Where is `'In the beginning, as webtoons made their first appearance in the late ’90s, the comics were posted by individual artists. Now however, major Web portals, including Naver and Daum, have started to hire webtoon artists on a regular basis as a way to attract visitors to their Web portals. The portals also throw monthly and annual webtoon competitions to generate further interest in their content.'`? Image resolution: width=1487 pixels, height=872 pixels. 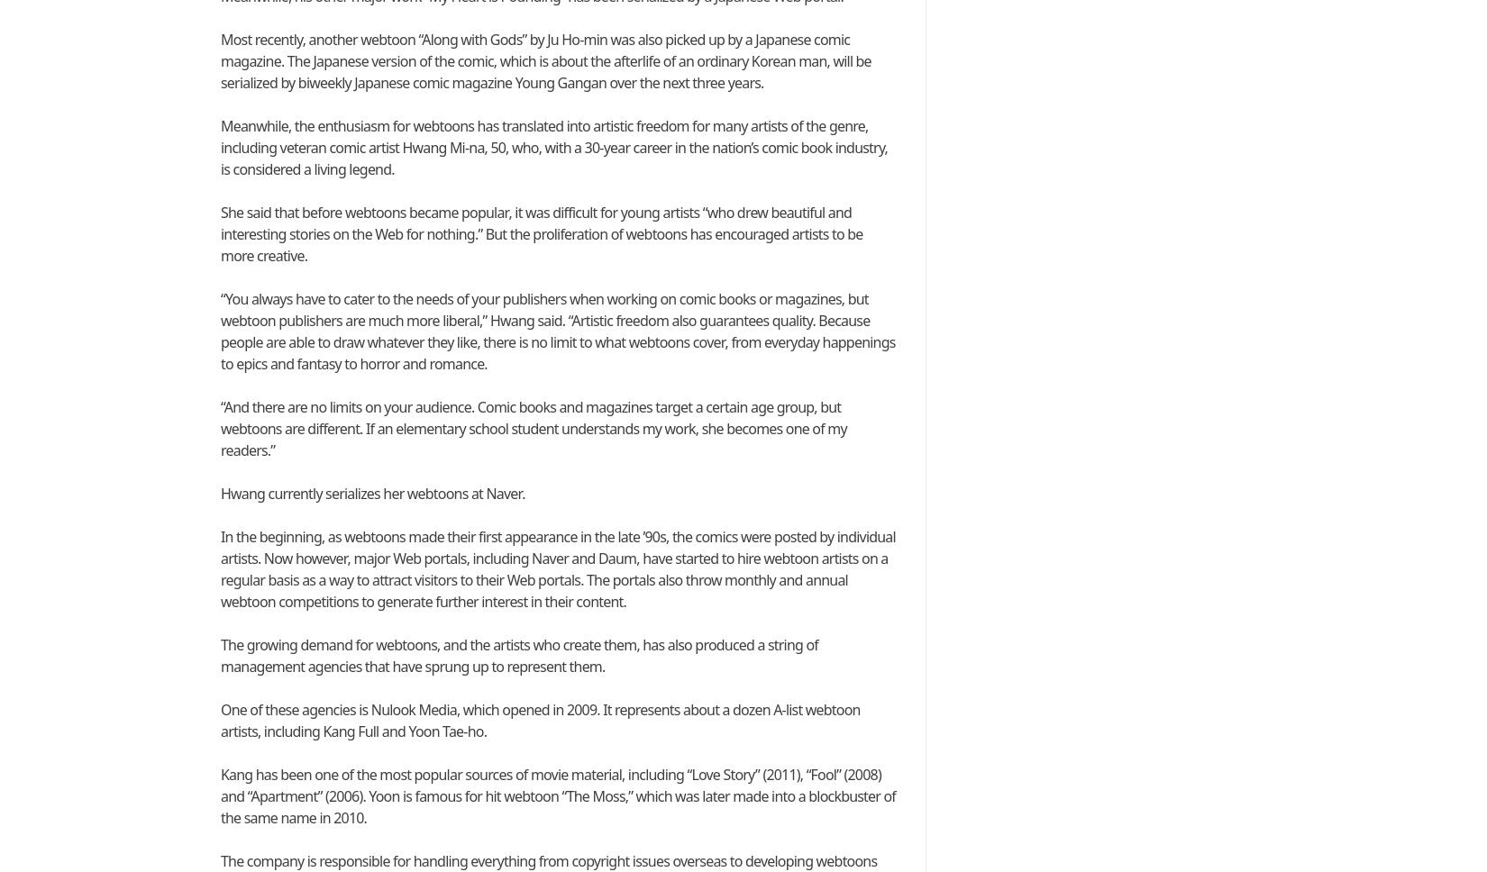
'In the beginning, as webtoons made their first appearance in the late ’90s, the comics were posted by individual artists. Now however, major Web portals, including Naver and Daum, have started to hire webtoon artists on a regular basis as a way to attract visitors to their Web portals. The portals also throw monthly and annual webtoon competitions to generate further interest in their content.' is located at coordinates (557, 568).